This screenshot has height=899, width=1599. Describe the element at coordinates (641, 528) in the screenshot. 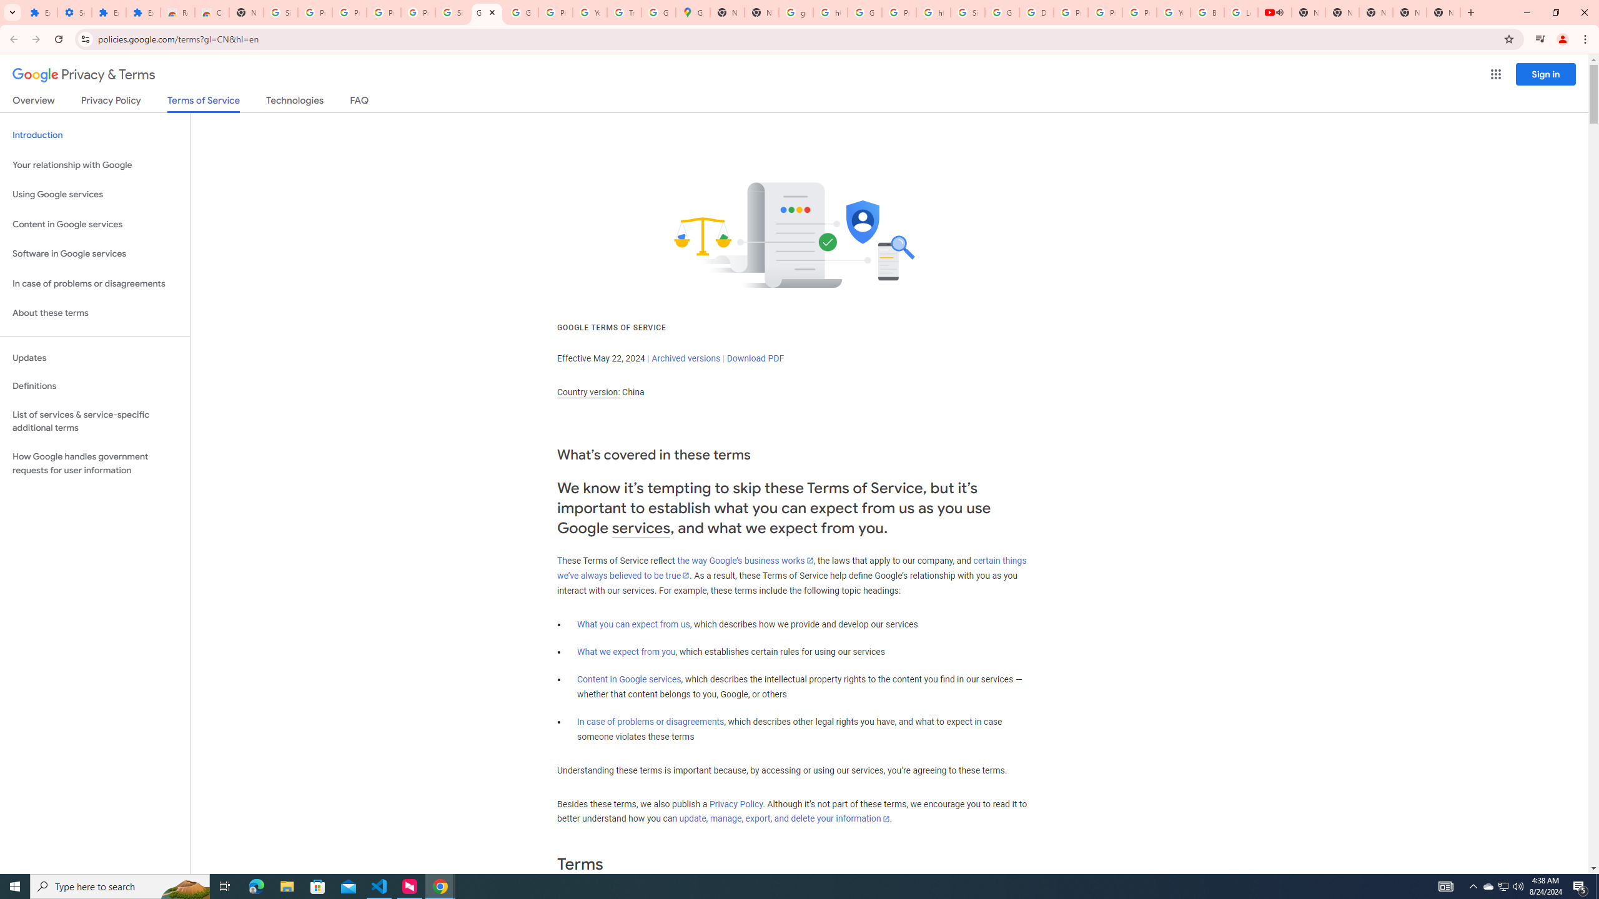

I see `'services'` at that location.